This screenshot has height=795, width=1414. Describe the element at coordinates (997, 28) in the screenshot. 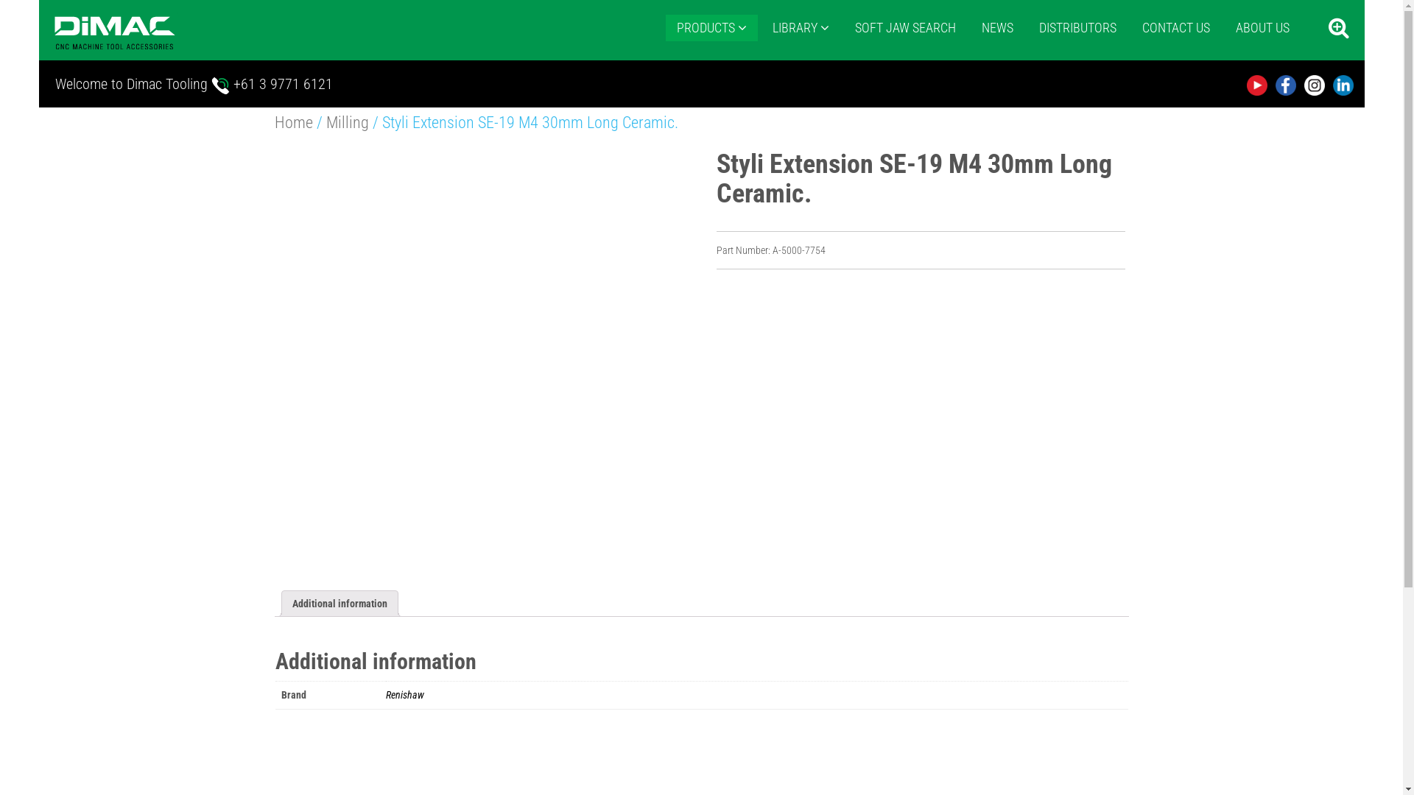

I see `'NEWS'` at that location.